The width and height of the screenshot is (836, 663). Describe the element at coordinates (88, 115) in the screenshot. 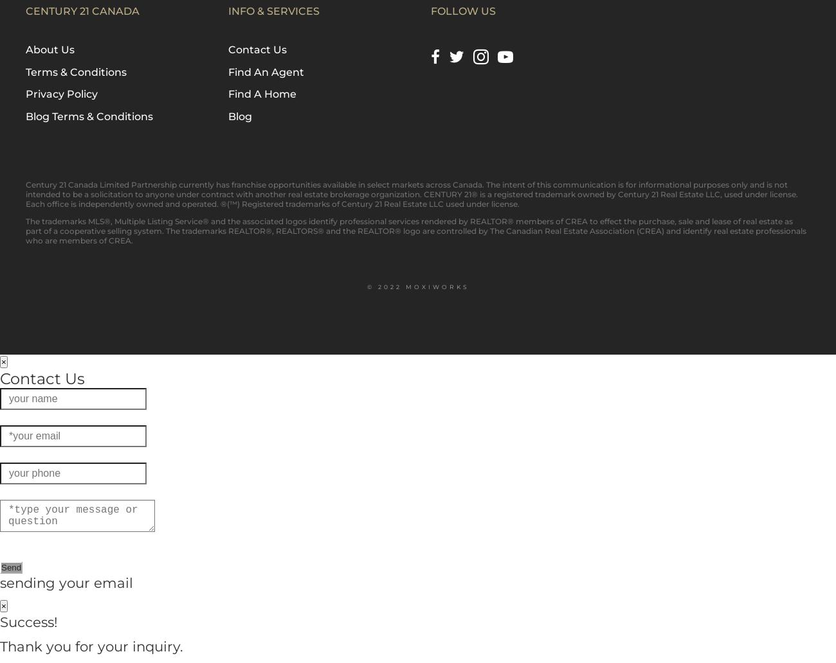

I see `'Blog Terms & Conditions'` at that location.